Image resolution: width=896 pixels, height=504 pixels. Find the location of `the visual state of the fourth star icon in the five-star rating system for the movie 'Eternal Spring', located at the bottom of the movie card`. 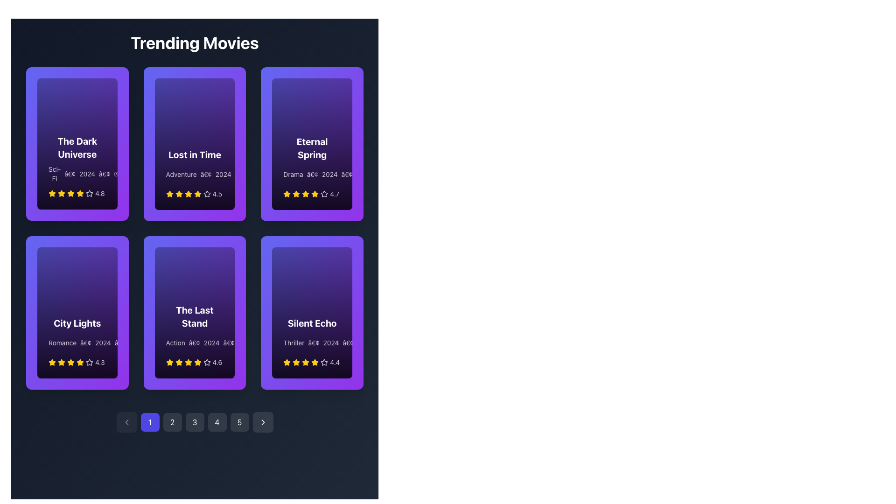

the visual state of the fourth star icon in the five-star rating system for the movie 'Eternal Spring', located at the bottom of the movie card is located at coordinates (306, 193).